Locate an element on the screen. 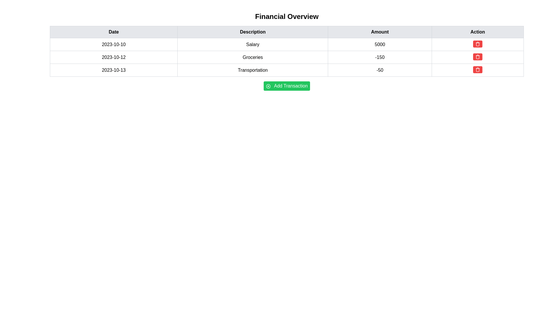 This screenshot has width=560, height=315. the Textual Data Table Cell displaying the date '2023-10-10', which is the first column entry of the first data row under the 'Date' header is located at coordinates (114, 44).